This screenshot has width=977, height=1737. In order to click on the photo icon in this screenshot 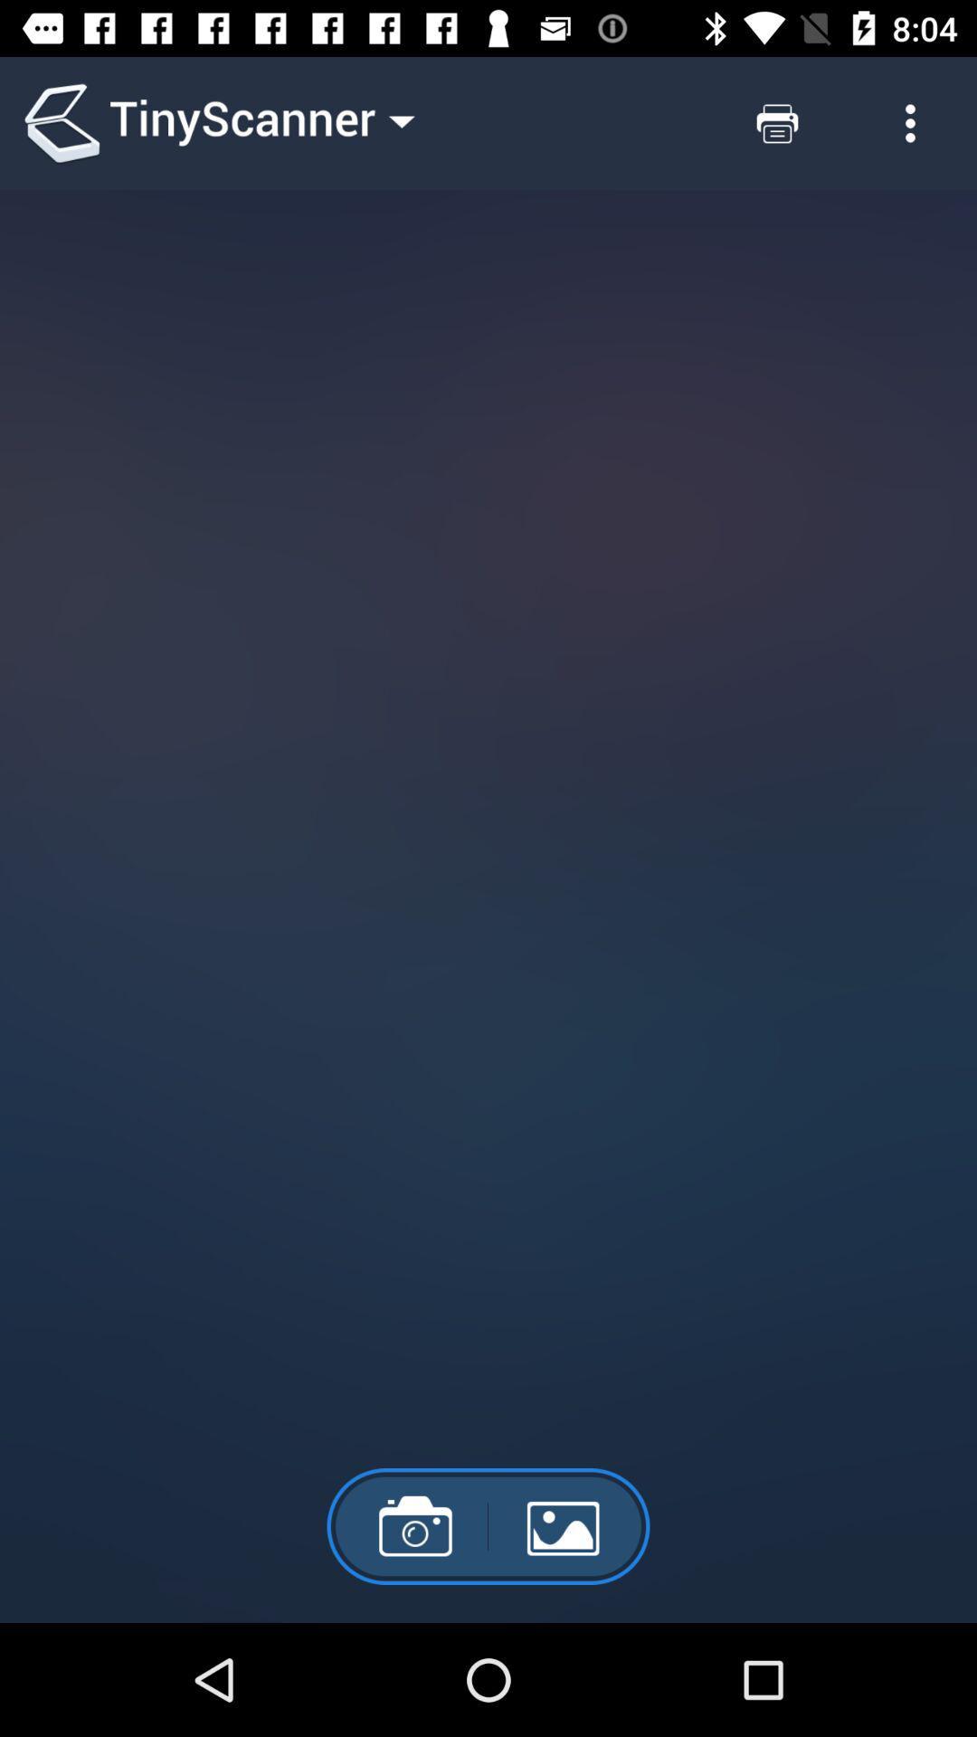, I will do `click(407, 1525)`.